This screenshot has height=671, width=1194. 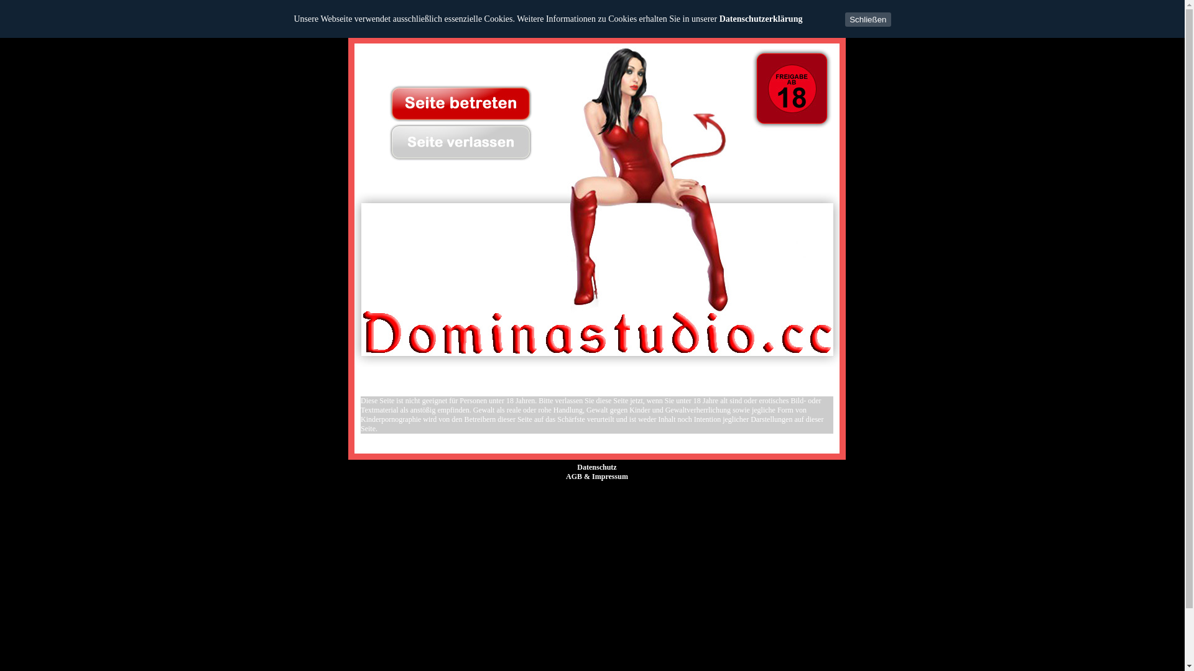 What do you see at coordinates (597, 467) in the screenshot?
I see `'Datenschutz'` at bounding box center [597, 467].